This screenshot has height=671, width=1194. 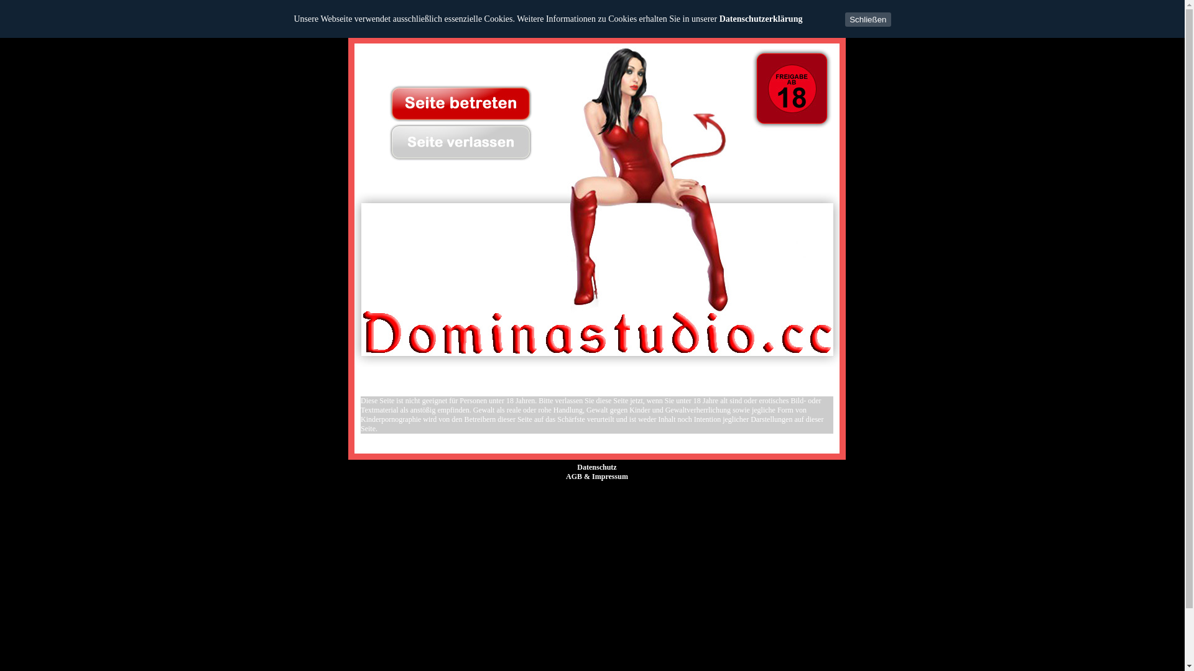 What do you see at coordinates (597, 467) in the screenshot?
I see `'Datenschutz'` at bounding box center [597, 467].